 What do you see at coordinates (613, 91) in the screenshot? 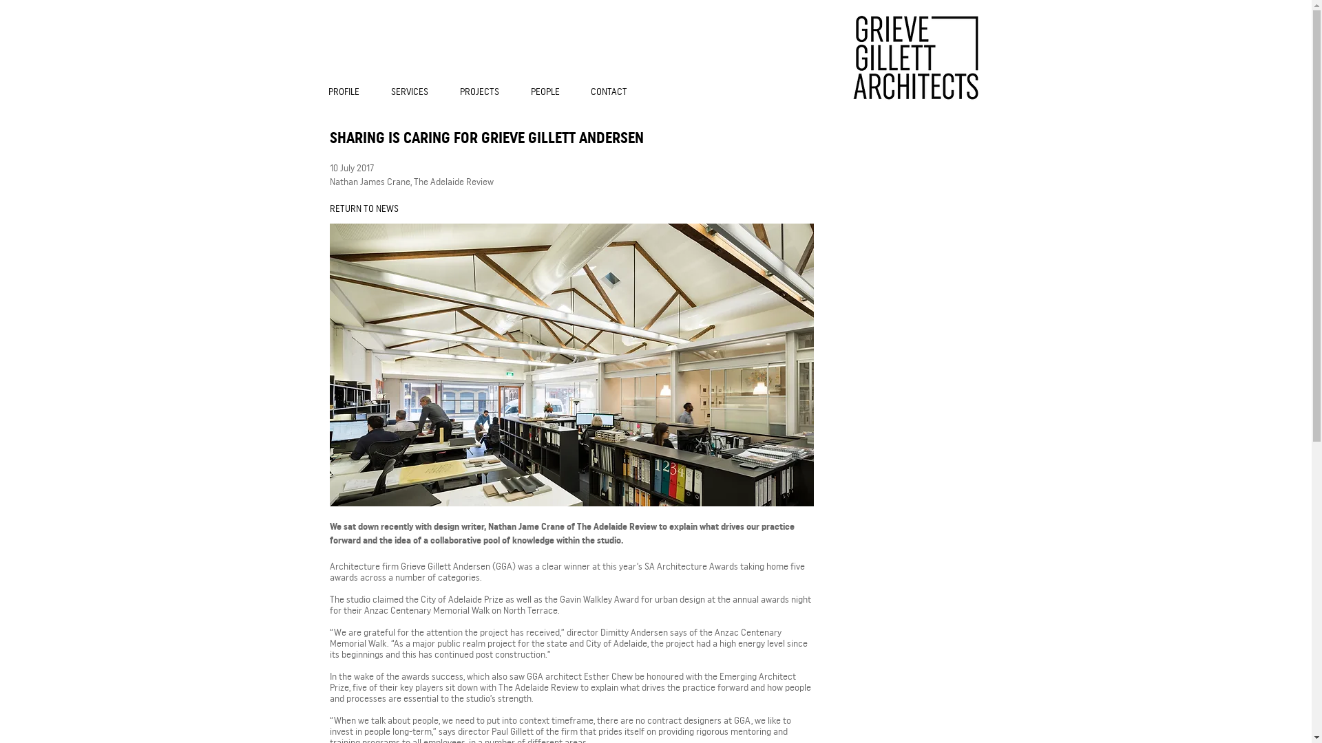
I see `'CONTACT'` at bounding box center [613, 91].